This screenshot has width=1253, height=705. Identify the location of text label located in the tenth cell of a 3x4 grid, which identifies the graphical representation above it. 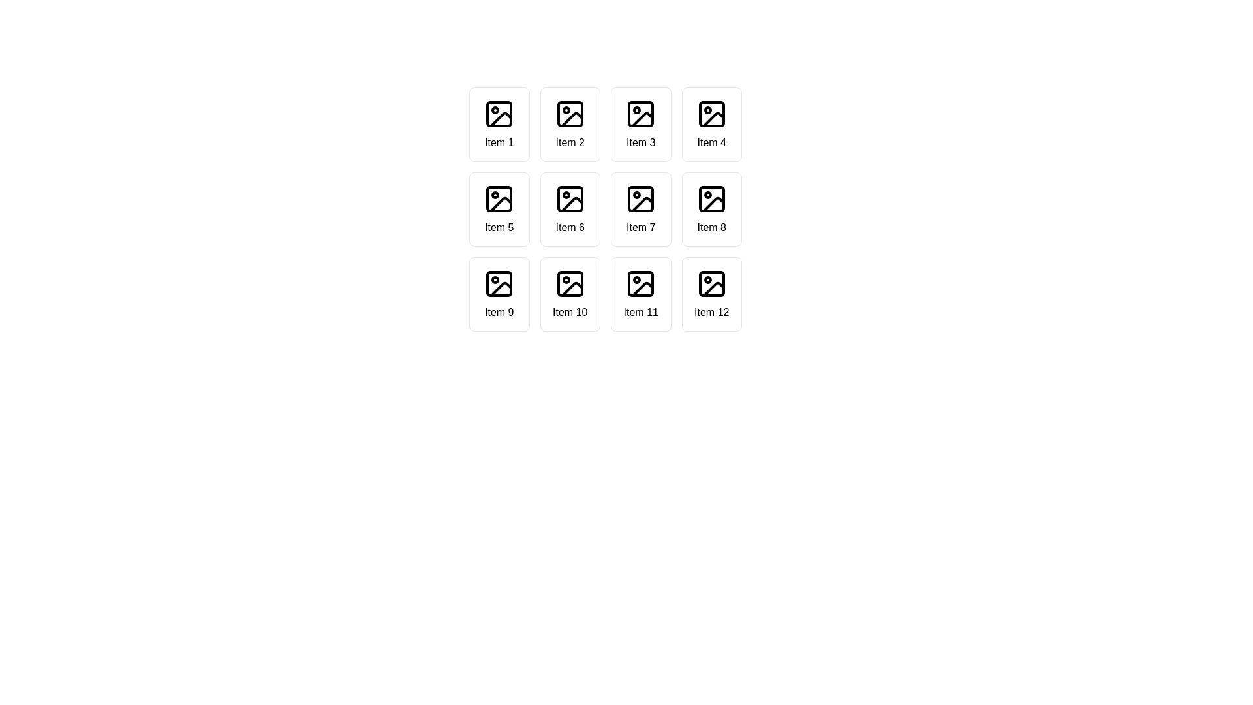
(570, 312).